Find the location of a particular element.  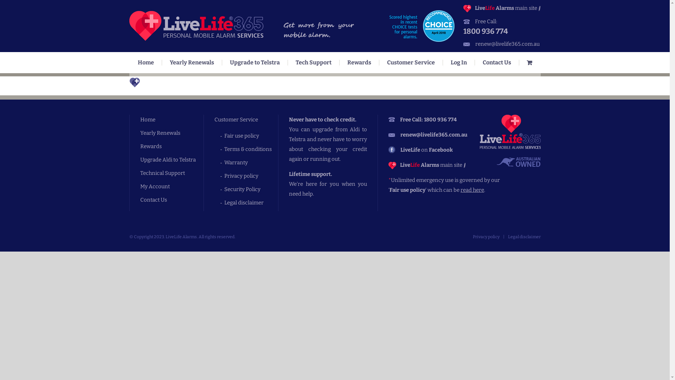

'Customer Service' is located at coordinates (411, 62).